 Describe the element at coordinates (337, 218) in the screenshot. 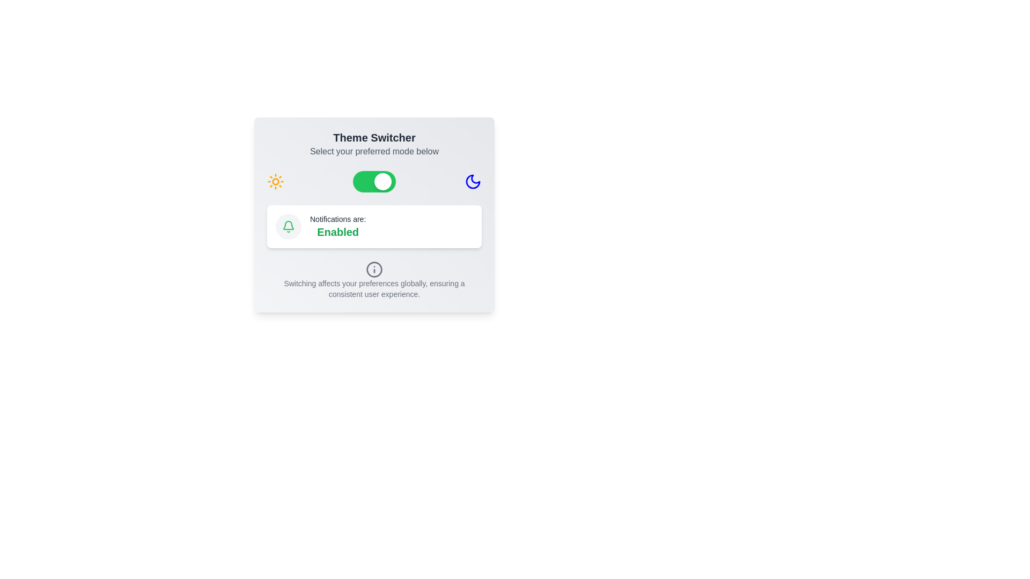

I see `the text label that reads 'Notifications are:', which is styled in a small font size and medium weight, located above the text 'Enabled' in a card-like section` at that location.